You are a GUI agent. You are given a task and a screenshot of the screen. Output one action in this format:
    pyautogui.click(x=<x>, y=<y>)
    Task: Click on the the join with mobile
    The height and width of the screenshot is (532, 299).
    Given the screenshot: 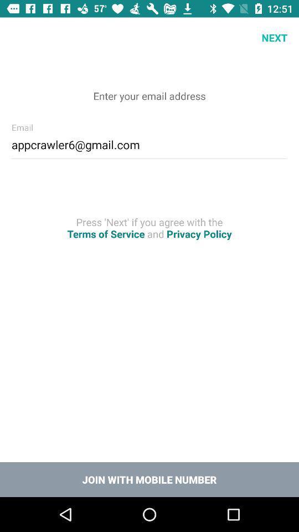 What is the action you would take?
    pyautogui.click(x=149, y=479)
    